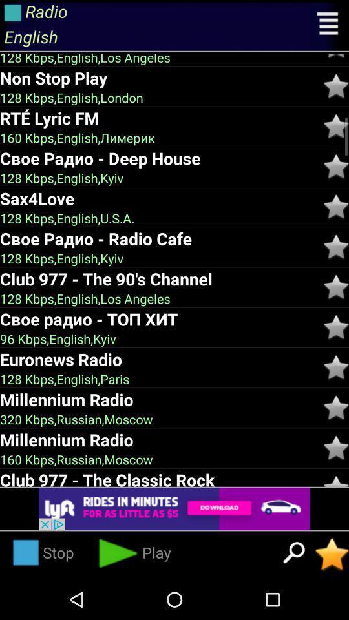 This screenshot has height=620, width=349. Describe the element at coordinates (336, 166) in the screenshot. I see `click the star option` at that location.